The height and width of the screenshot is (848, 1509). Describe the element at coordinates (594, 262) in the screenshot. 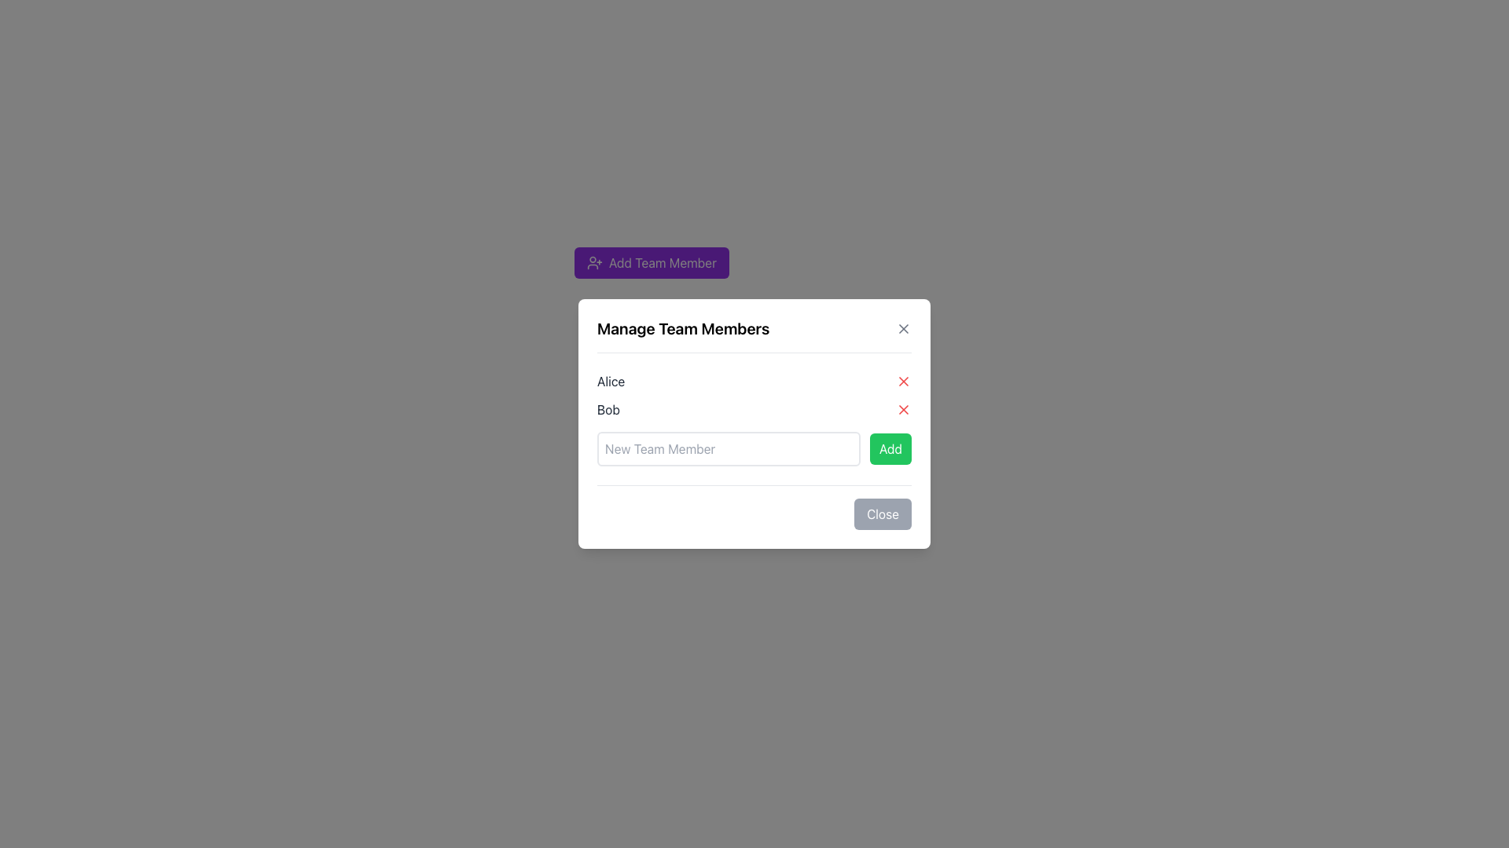

I see `the icon that visually represents the action of adding a user to a group, which is located inside the purple 'Add Team Member' button at the top center of the interface` at that location.